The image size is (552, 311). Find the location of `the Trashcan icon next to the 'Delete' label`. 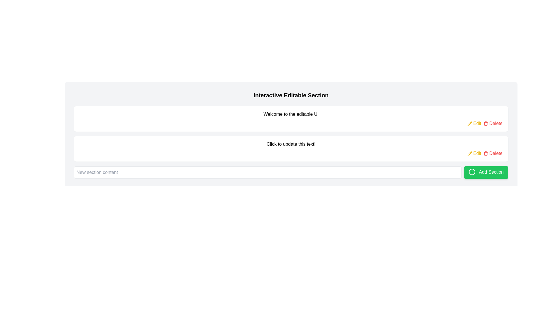

the Trashcan icon next to the 'Delete' label is located at coordinates (485, 123).